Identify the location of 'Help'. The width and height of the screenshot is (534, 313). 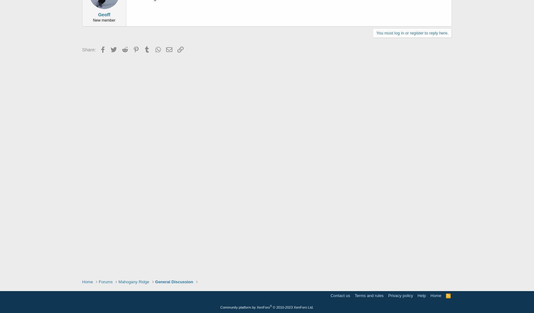
(417, 295).